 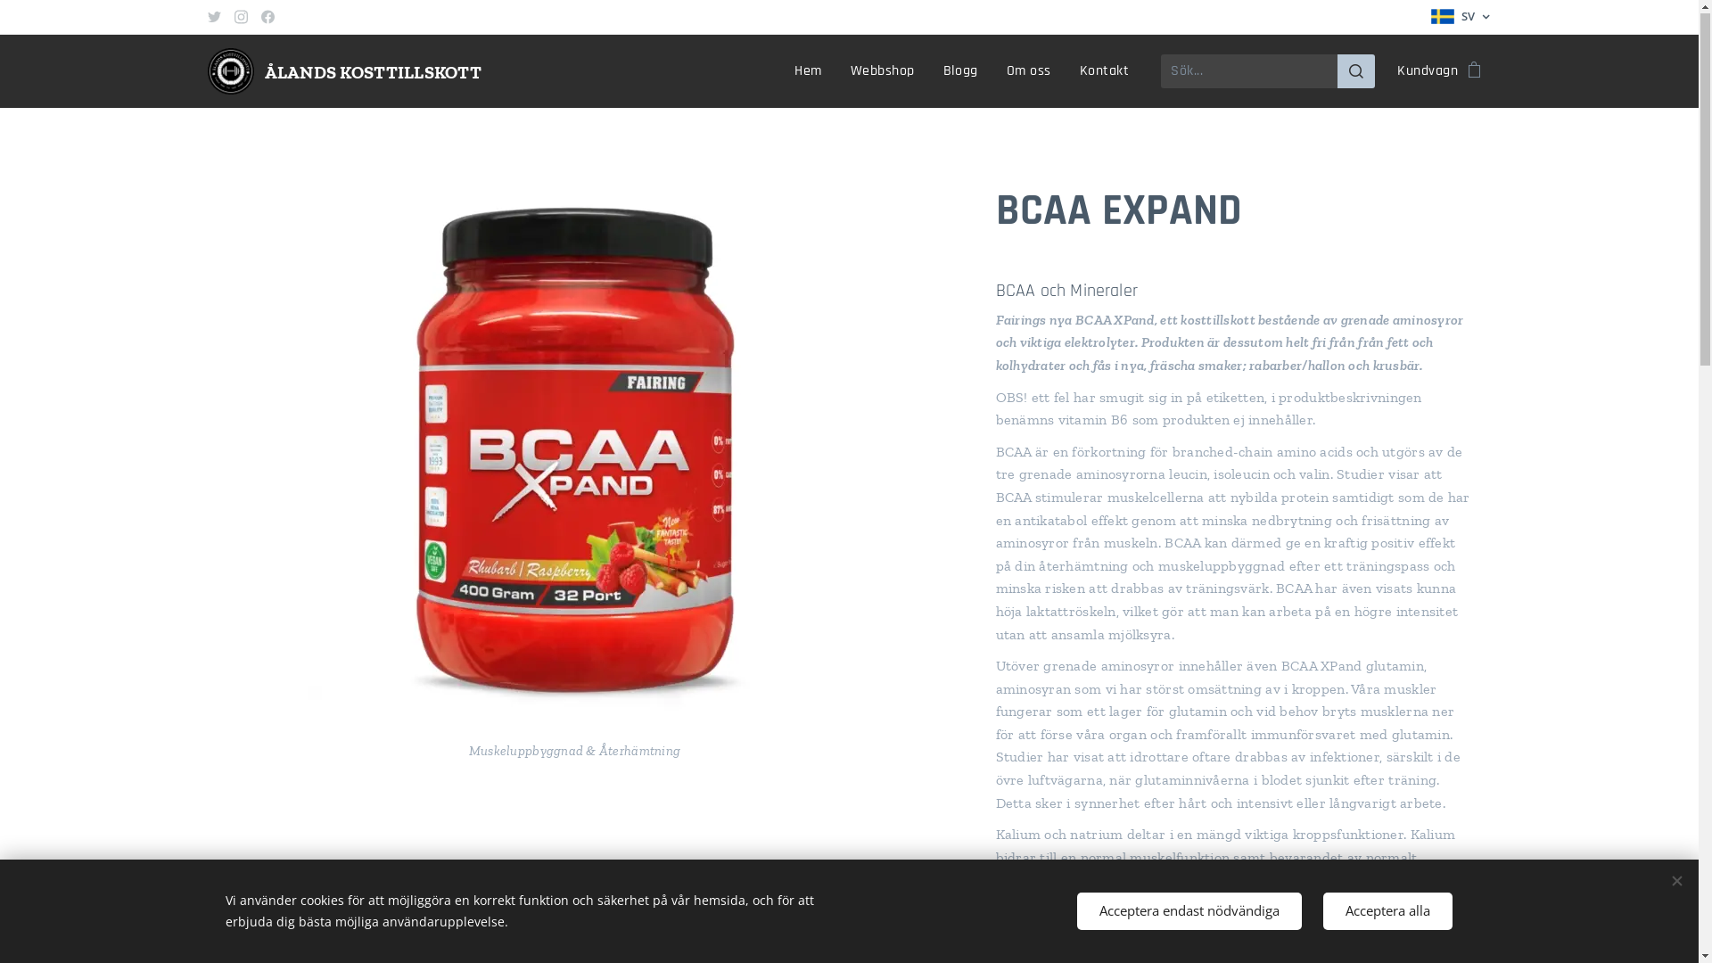 I want to click on 'Webbshop', so click(x=882, y=71).